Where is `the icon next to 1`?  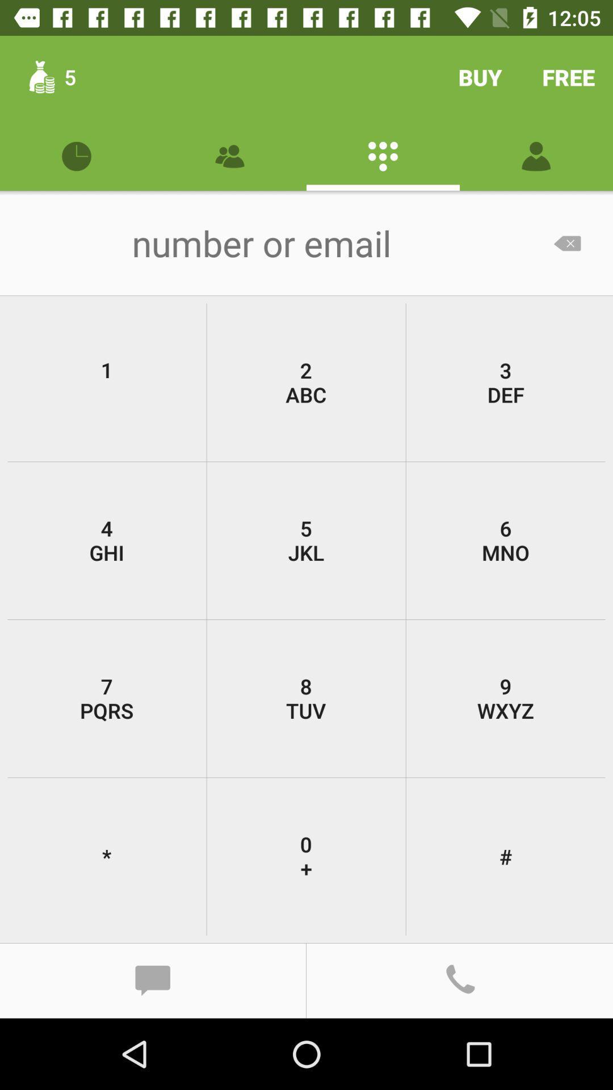 the icon next to 1 is located at coordinates (305, 382).